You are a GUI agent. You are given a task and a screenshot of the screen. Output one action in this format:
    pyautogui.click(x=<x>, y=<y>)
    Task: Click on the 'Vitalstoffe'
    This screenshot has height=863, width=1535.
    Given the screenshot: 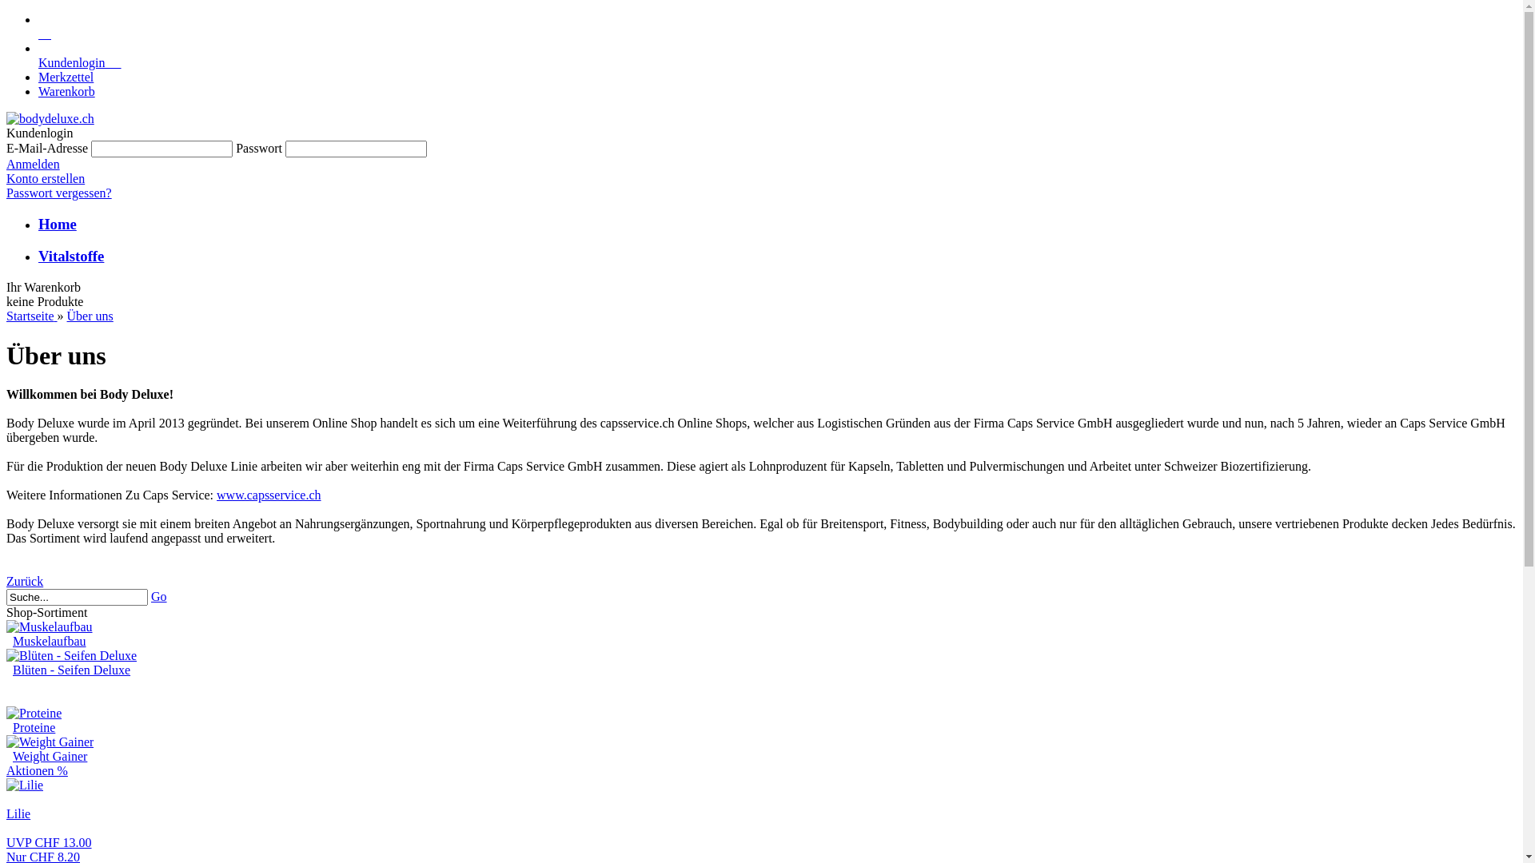 What is the action you would take?
    pyautogui.click(x=70, y=255)
    